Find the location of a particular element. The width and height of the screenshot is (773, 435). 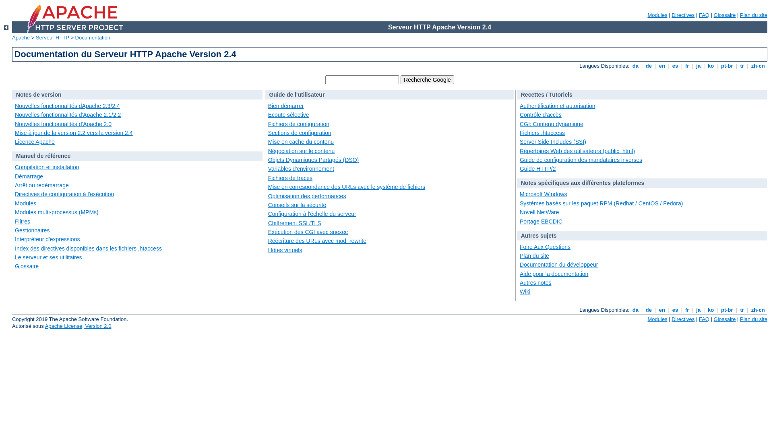

'Gestionnaires' is located at coordinates (15, 230).